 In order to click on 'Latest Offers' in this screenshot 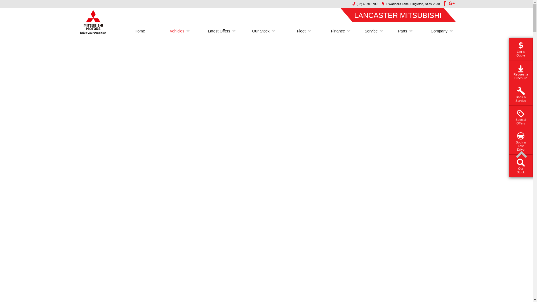, I will do `click(218, 31)`.